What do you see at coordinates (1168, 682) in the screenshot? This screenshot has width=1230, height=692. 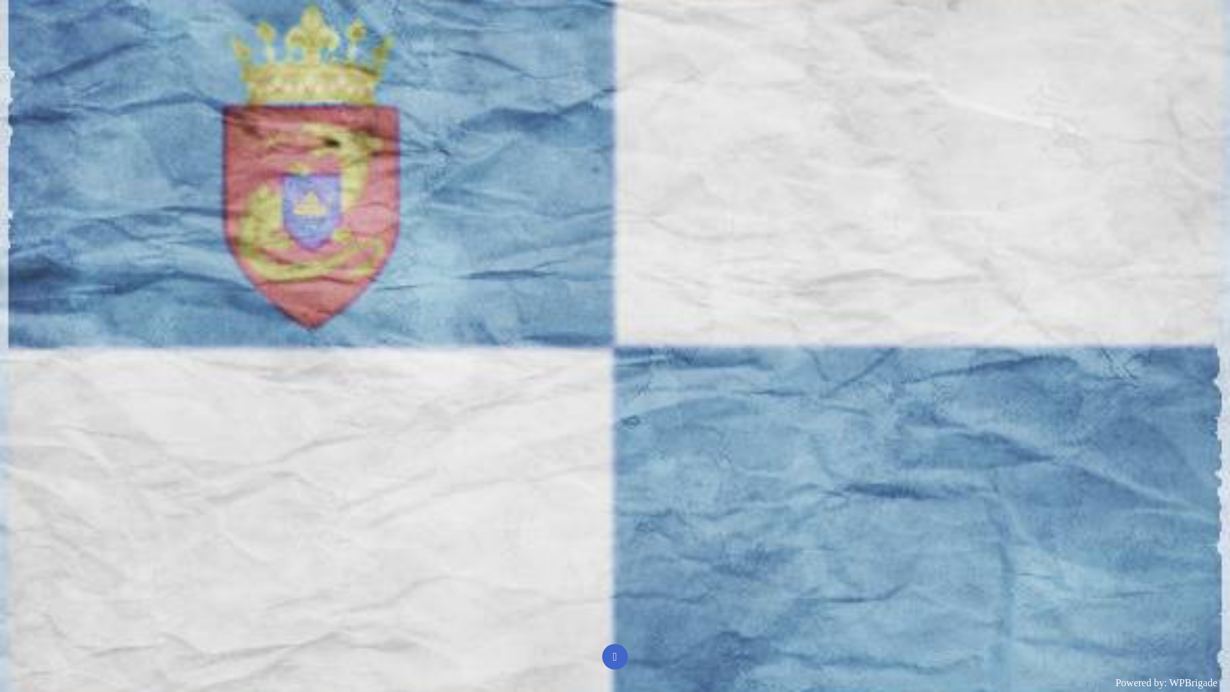 I see `'WPBrigade'` at bounding box center [1168, 682].